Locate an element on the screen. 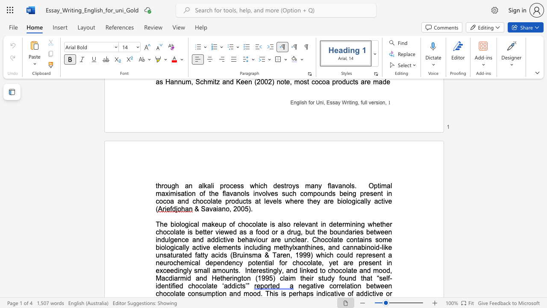 This screenshot has height=308, width=547. the subset text "ive correlation betwee" within the text "negative correlation between chocolate consumption and mood. This is" is located at coordinates (315, 286).